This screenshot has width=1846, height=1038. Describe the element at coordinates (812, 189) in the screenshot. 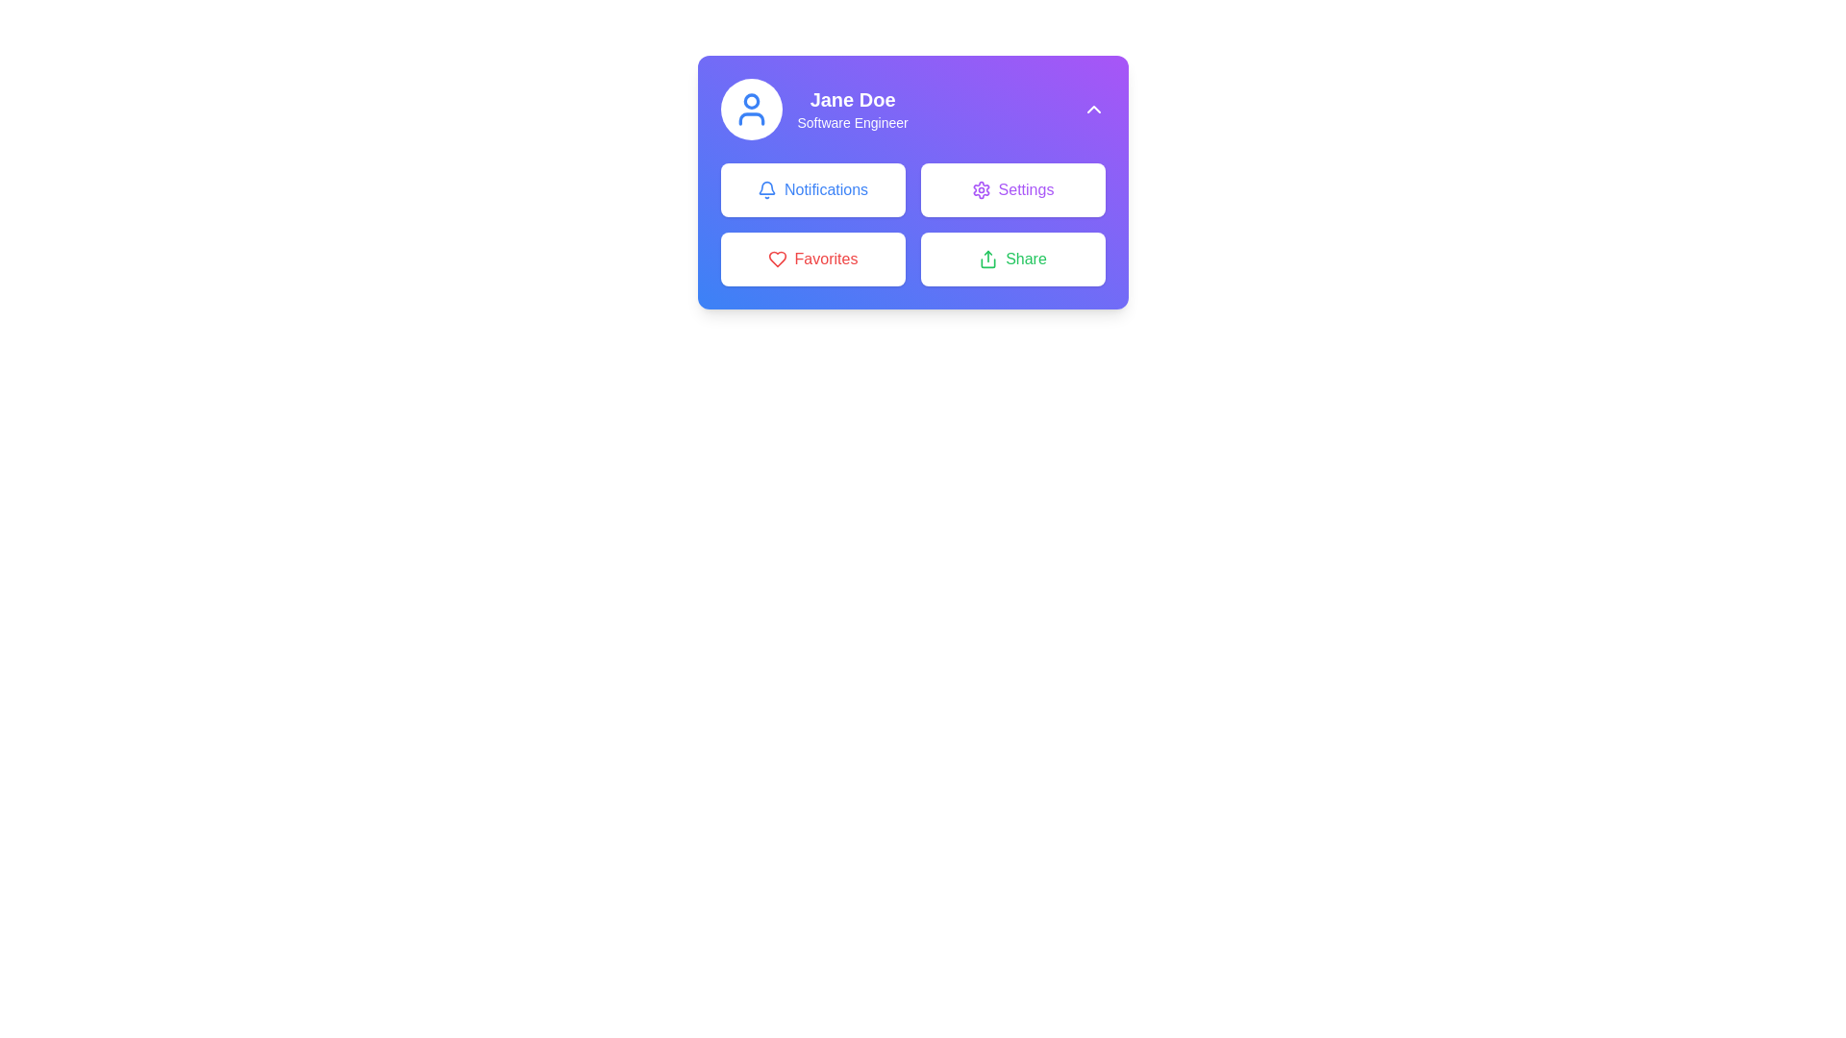

I see `the 'Notifications' button, which is a rectangular button with a white background, rounded corners, blue text, and a bell icon on the left` at that location.